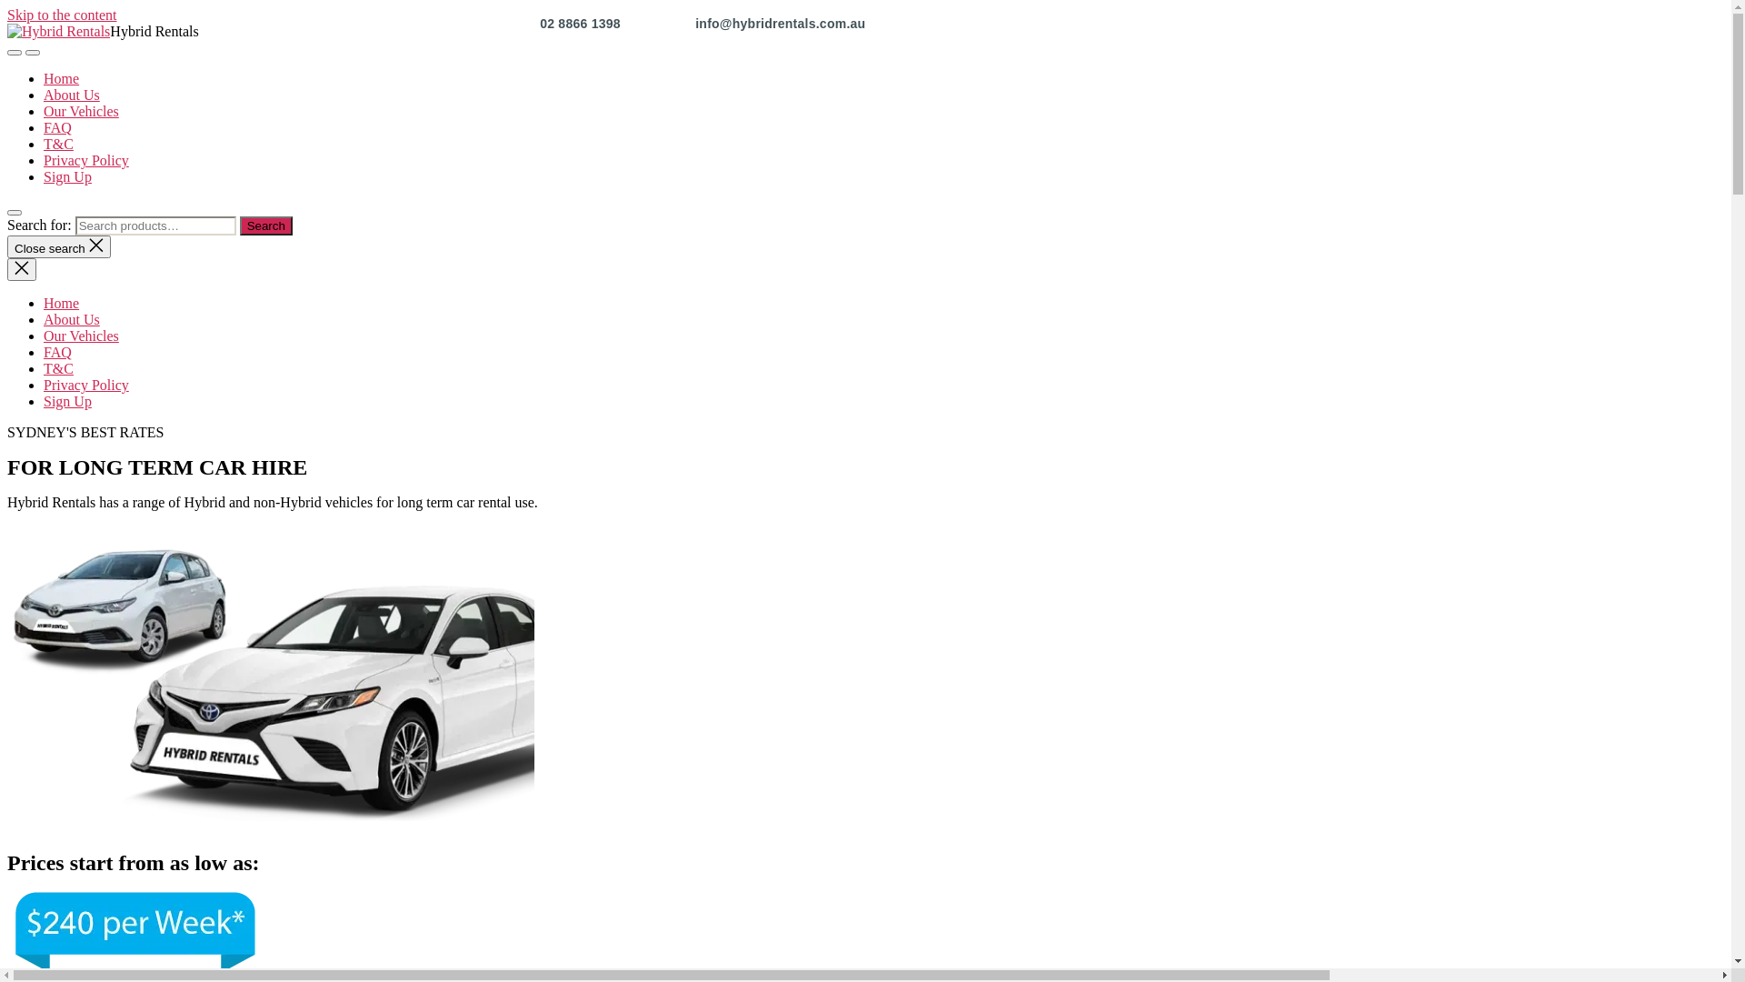 The width and height of the screenshot is (1745, 982). Describe the element at coordinates (44, 159) in the screenshot. I see `'Privacy Policy'` at that location.